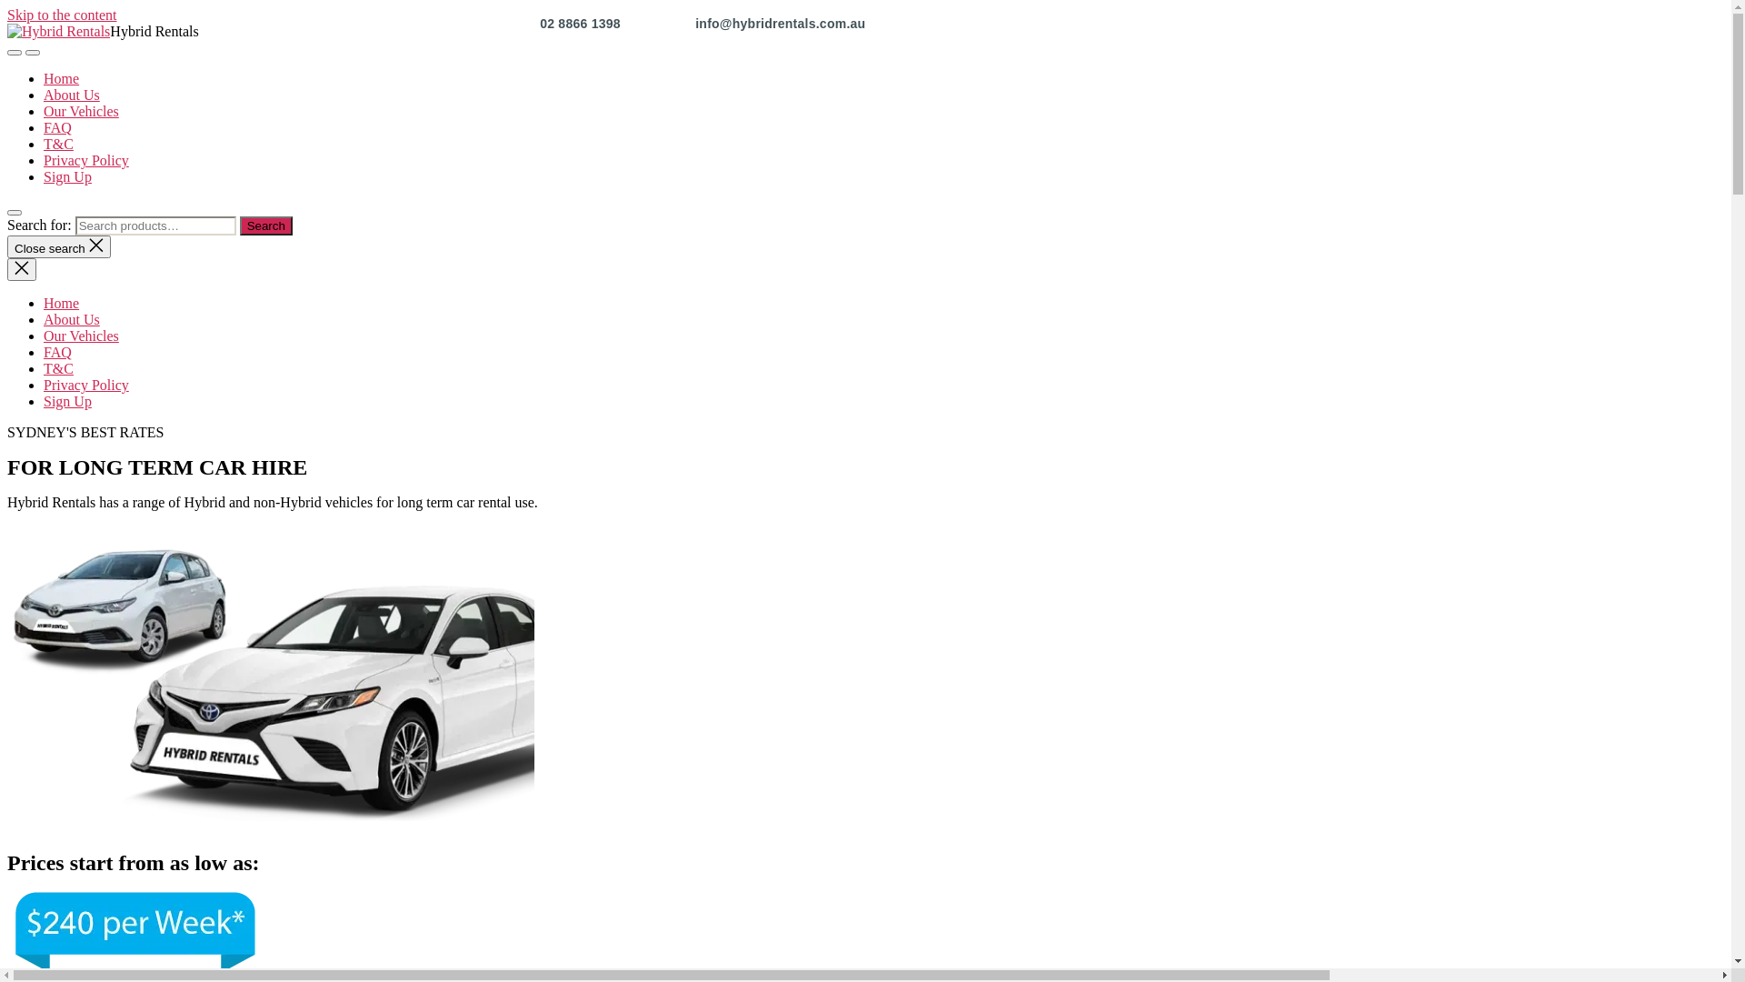 The width and height of the screenshot is (1745, 982). Describe the element at coordinates (44, 159) in the screenshot. I see `'Privacy Policy'` at that location.